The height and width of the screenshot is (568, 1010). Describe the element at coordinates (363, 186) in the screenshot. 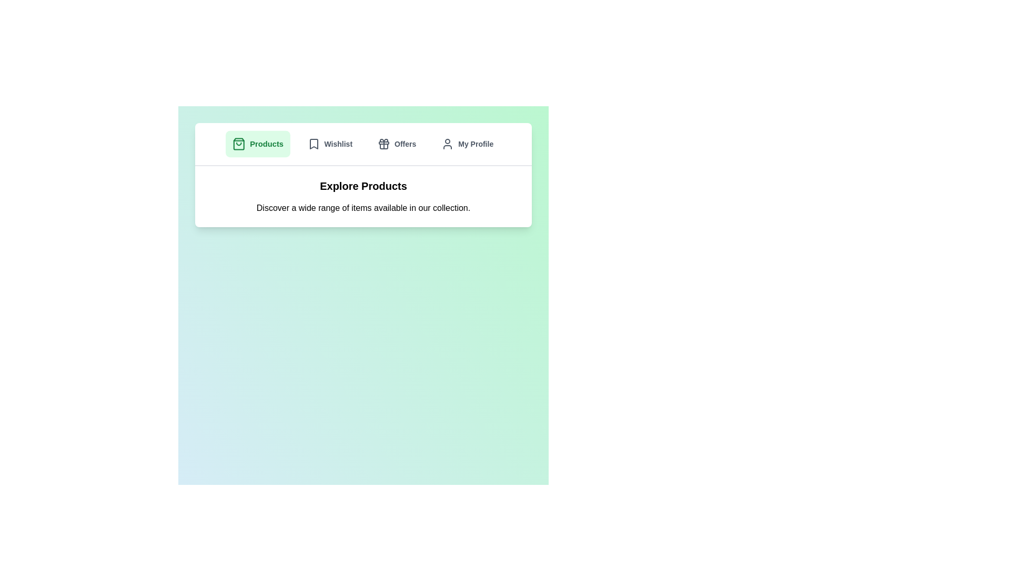

I see `the bold text title 'Explore Products' which is styled with a larger font size and positioned centrally above the descriptive text` at that location.